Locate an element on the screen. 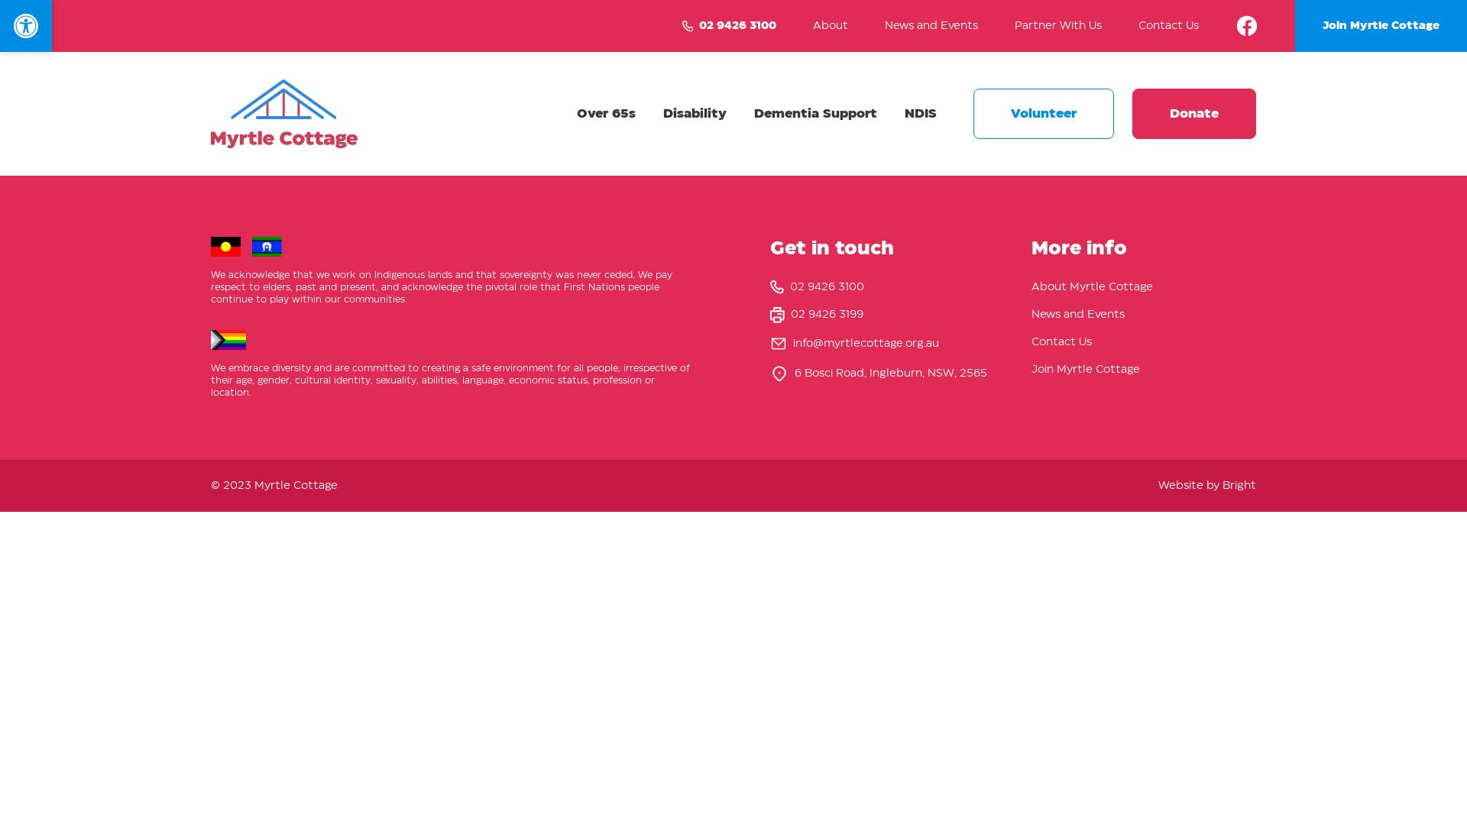 Image resolution: width=1467 pixels, height=825 pixels. 'About' is located at coordinates (812, 26).